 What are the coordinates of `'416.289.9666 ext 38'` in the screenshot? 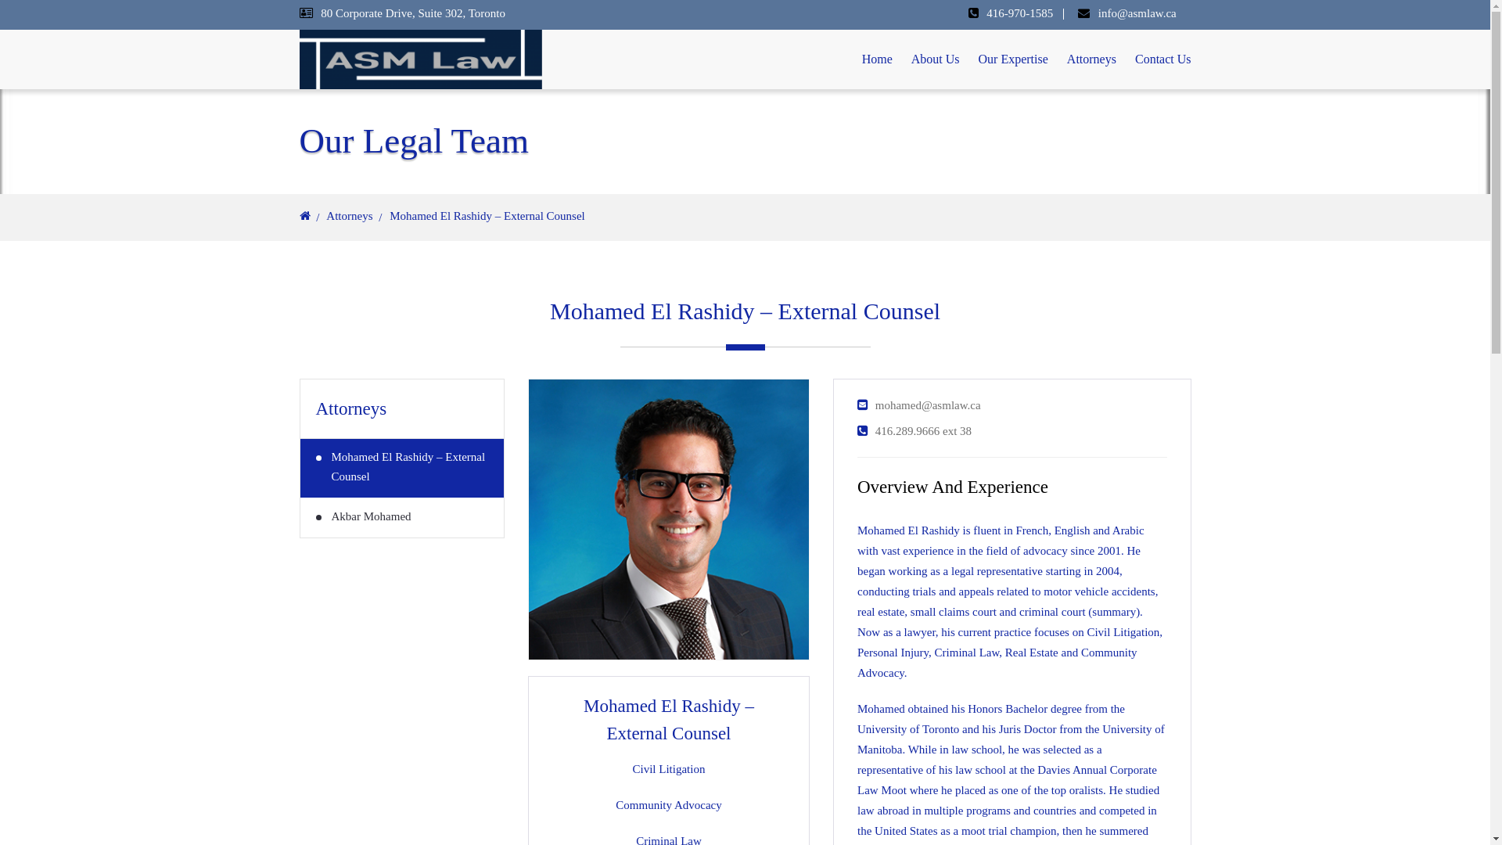 It's located at (923, 431).